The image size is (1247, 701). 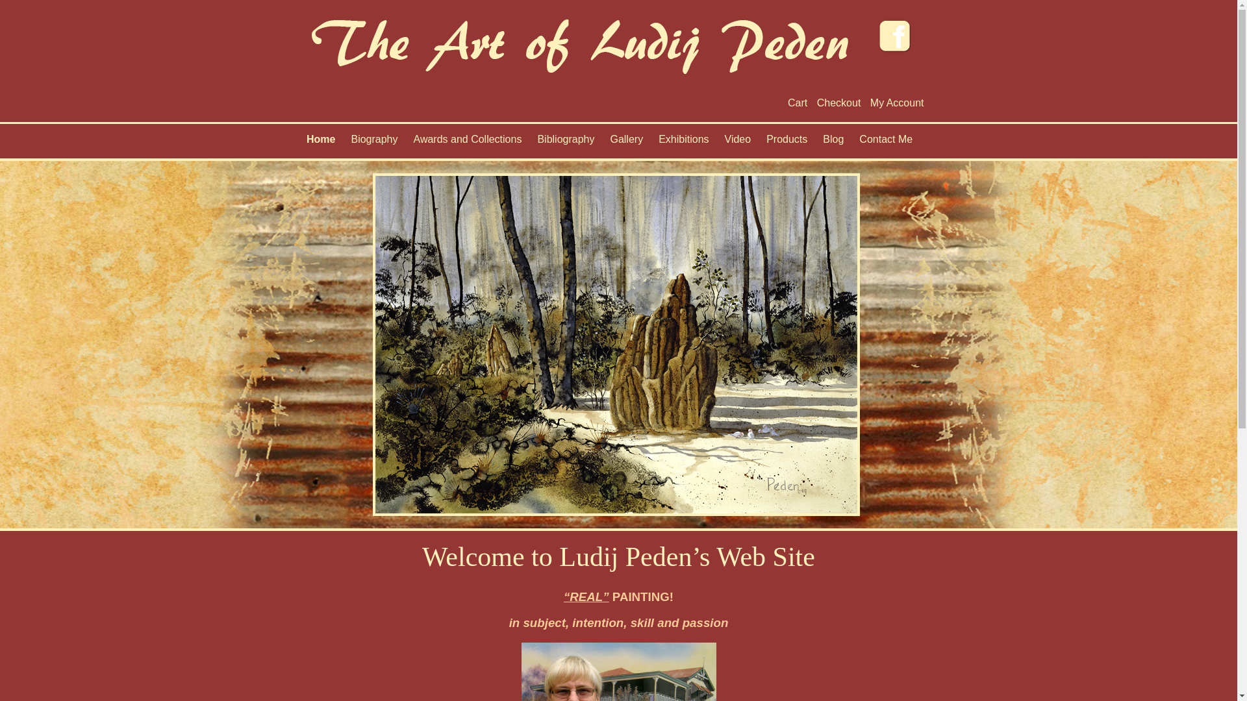 I want to click on 'Exhibitions', so click(x=683, y=142).